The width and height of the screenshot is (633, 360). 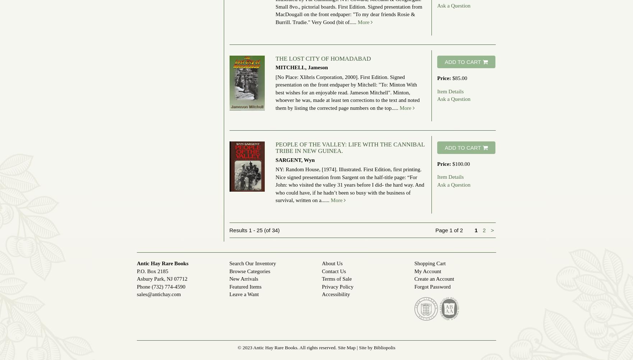 I want to click on 'Leave a Want', so click(x=244, y=294).